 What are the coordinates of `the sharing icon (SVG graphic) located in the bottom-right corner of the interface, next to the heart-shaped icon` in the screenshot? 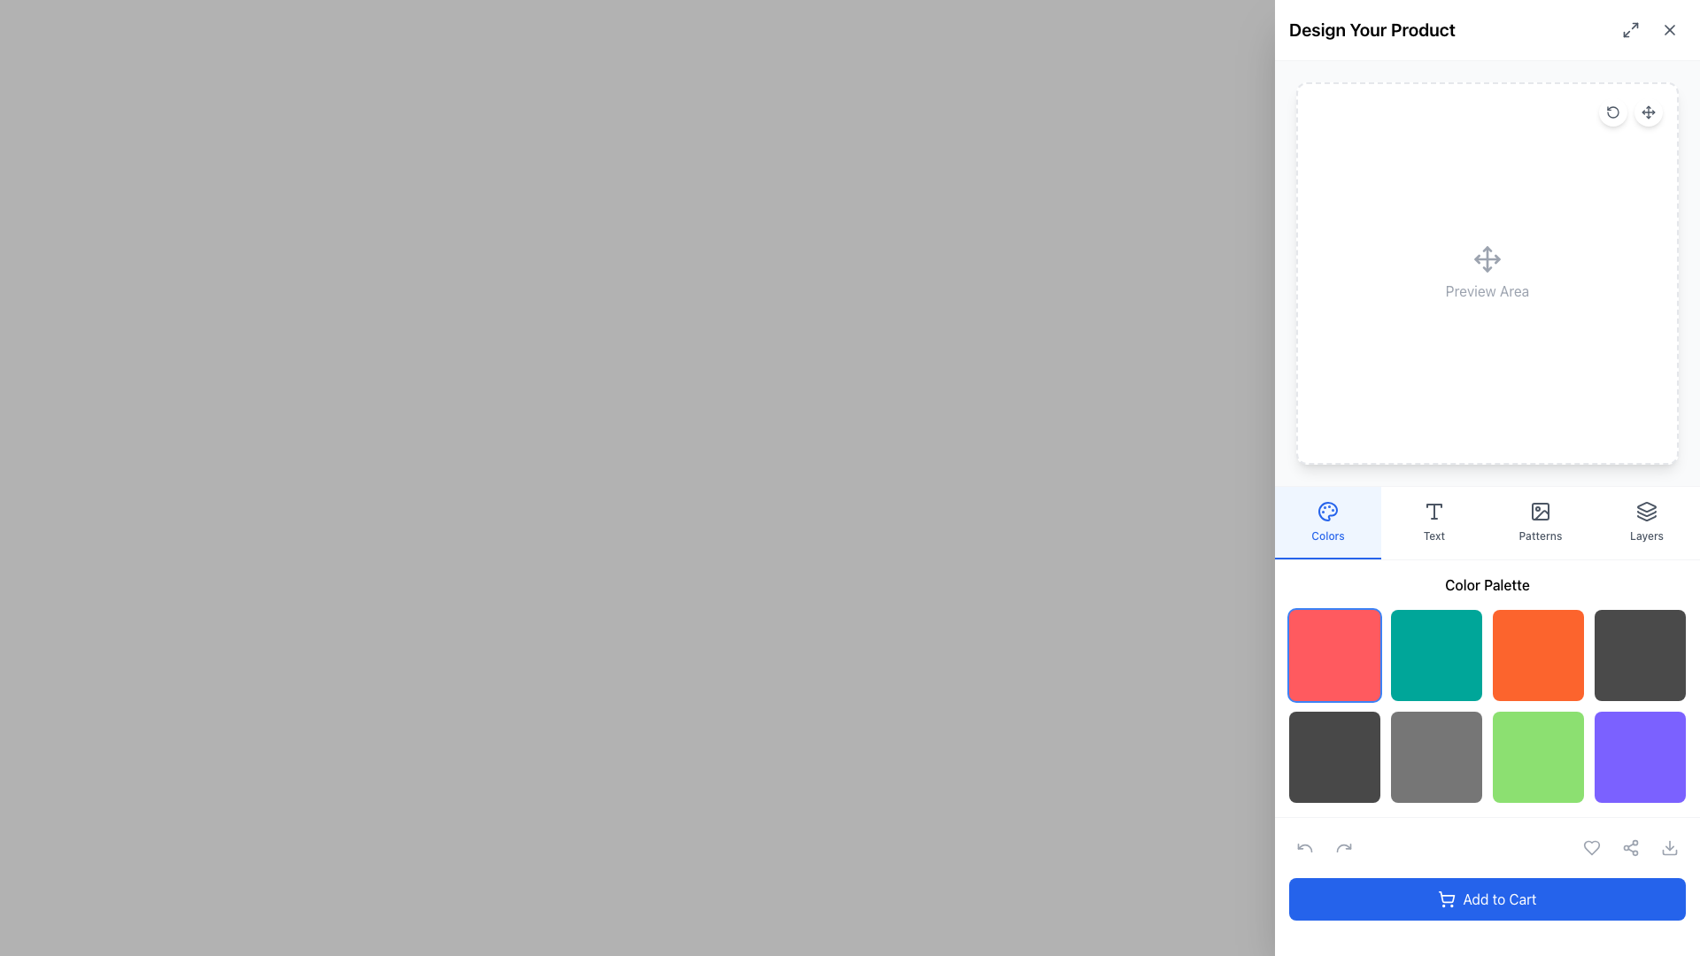 It's located at (1630, 846).